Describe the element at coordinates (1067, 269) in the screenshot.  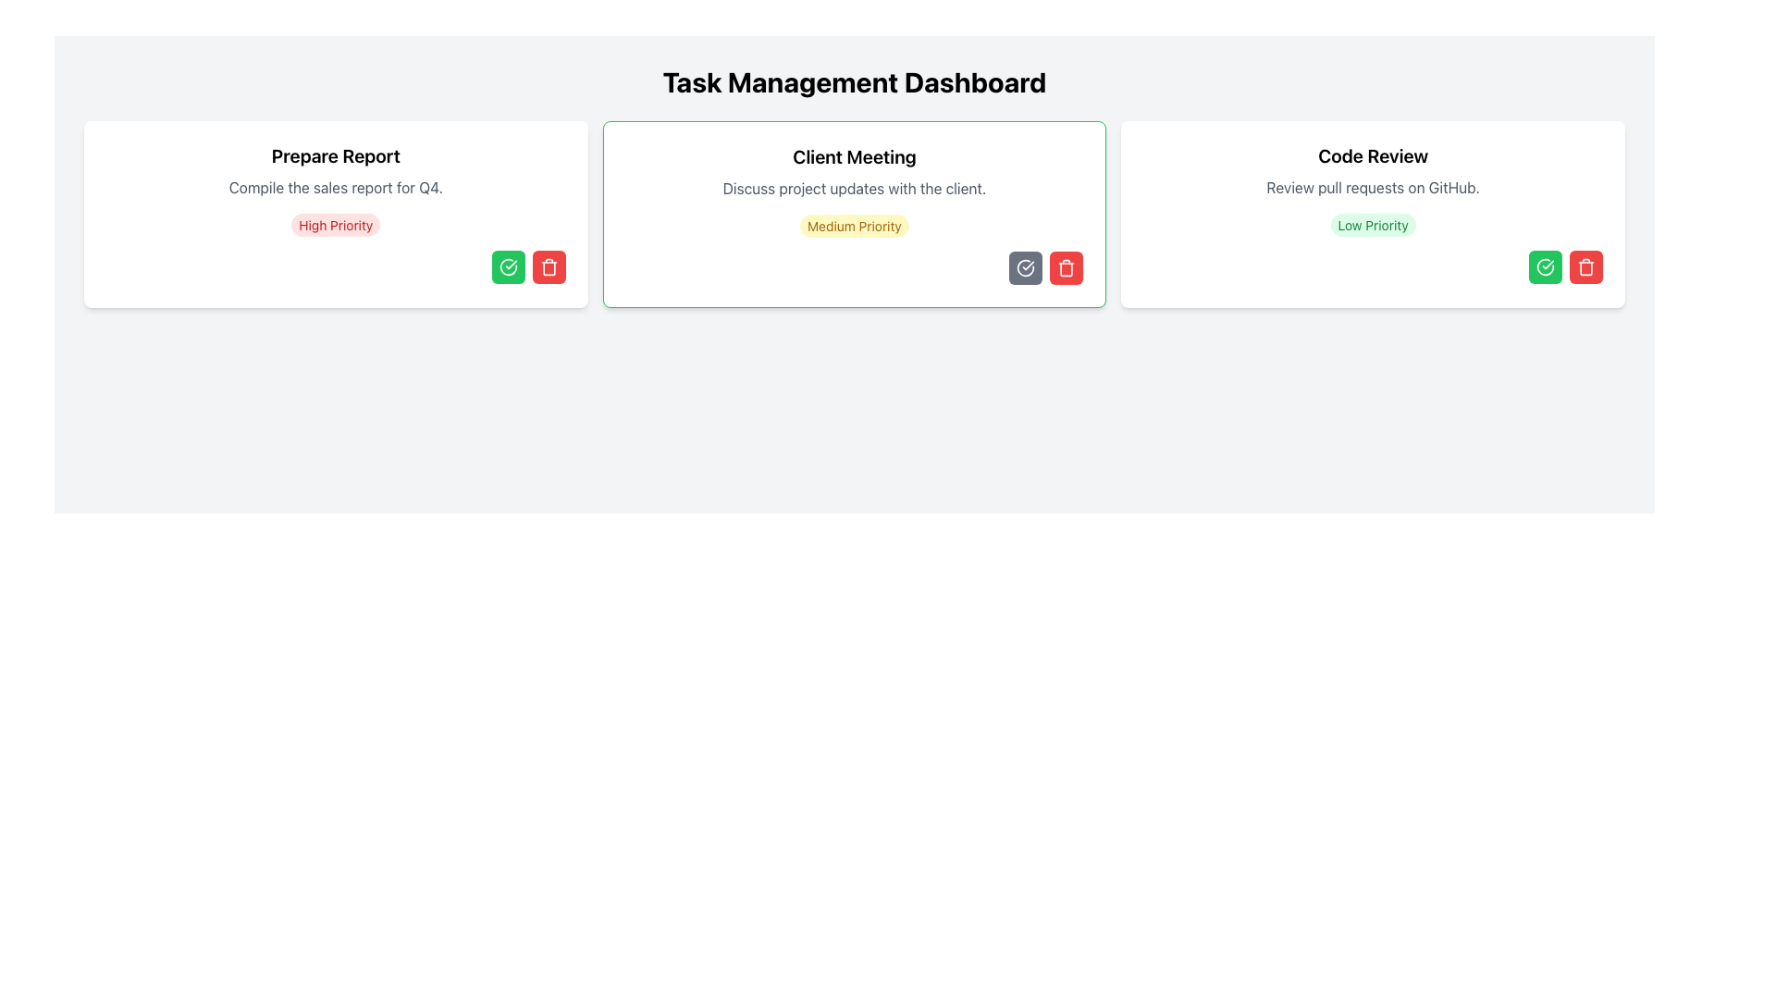
I see `the vertical rectangular graphical component of the trash icon, which represents the delete operation, located towards the lower center of the icon` at that location.